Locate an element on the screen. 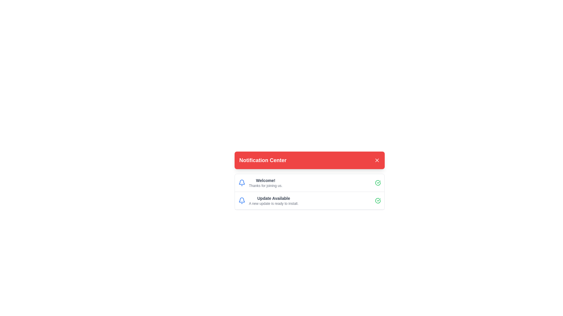 Image resolution: width=563 pixels, height=316 pixels. the text label that states 'Thanks for joining us.' displayed in a small gray font, located just below the main heading 'Welcome!' within the notification card interface is located at coordinates (265, 186).